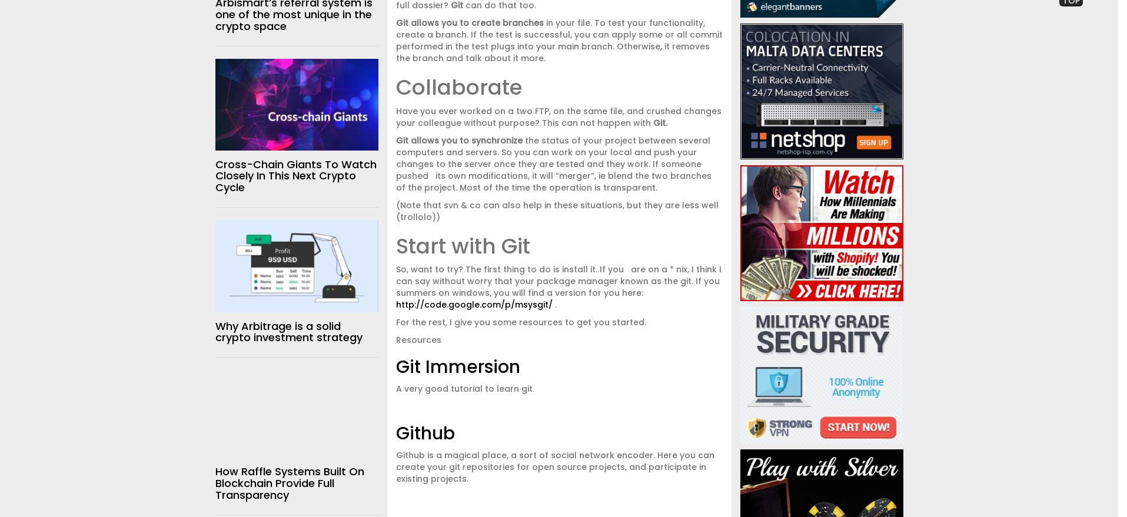 The width and height of the screenshot is (1127, 517). What do you see at coordinates (428, 269) in the screenshot?
I see `'So, want to try?'` at bounding box center [428, 269].